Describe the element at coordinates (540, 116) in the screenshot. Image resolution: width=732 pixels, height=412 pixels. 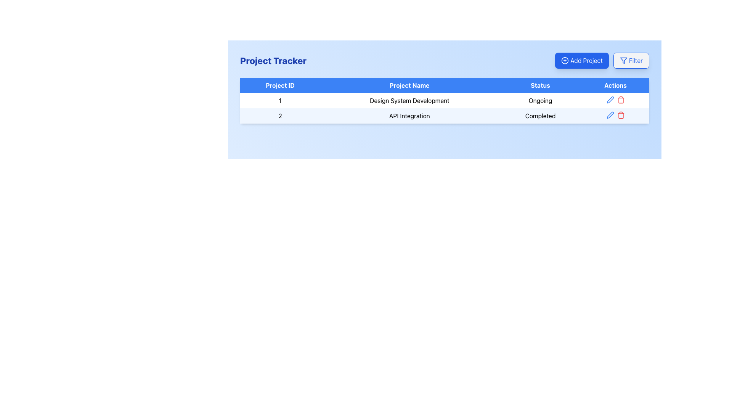
I see `the Text Cell in the second row and third column of the table that indicates the project status as completed` at that location.